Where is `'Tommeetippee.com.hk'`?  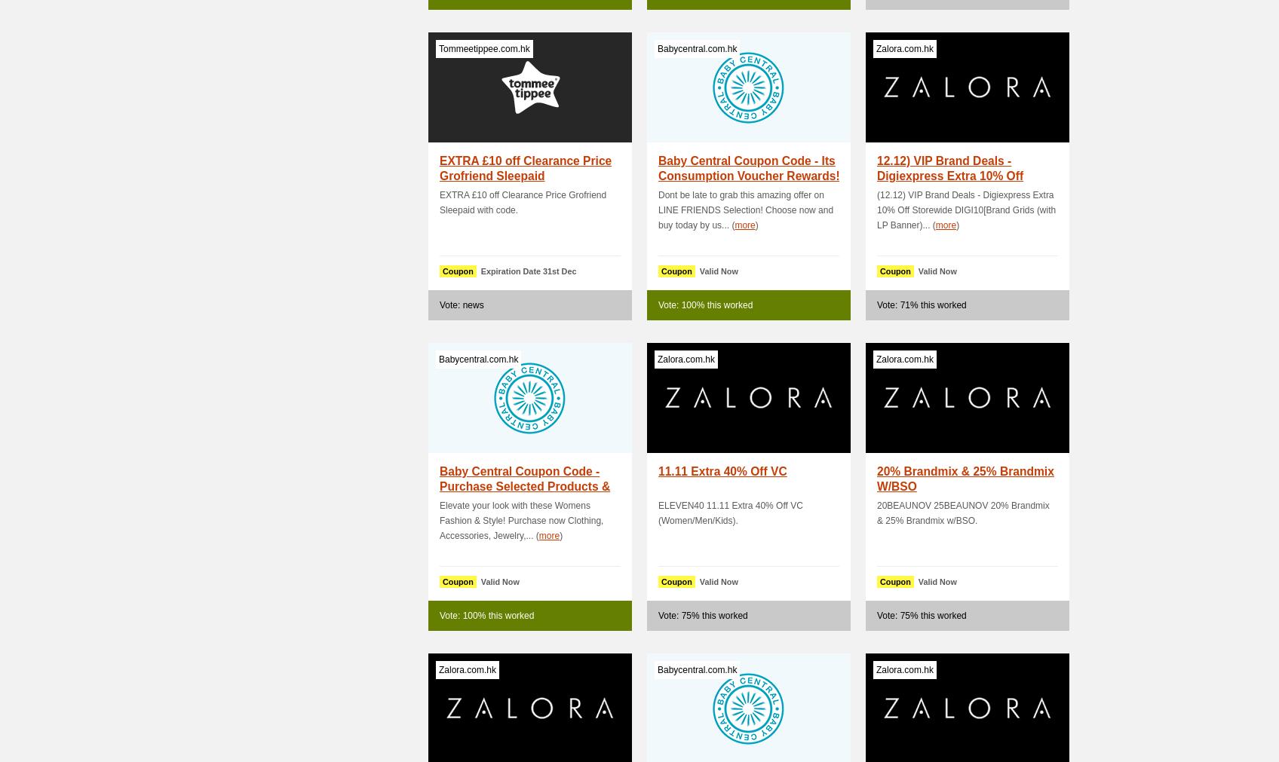
'Tommeetippee.com.hk' is located at coordinates (439, 48).